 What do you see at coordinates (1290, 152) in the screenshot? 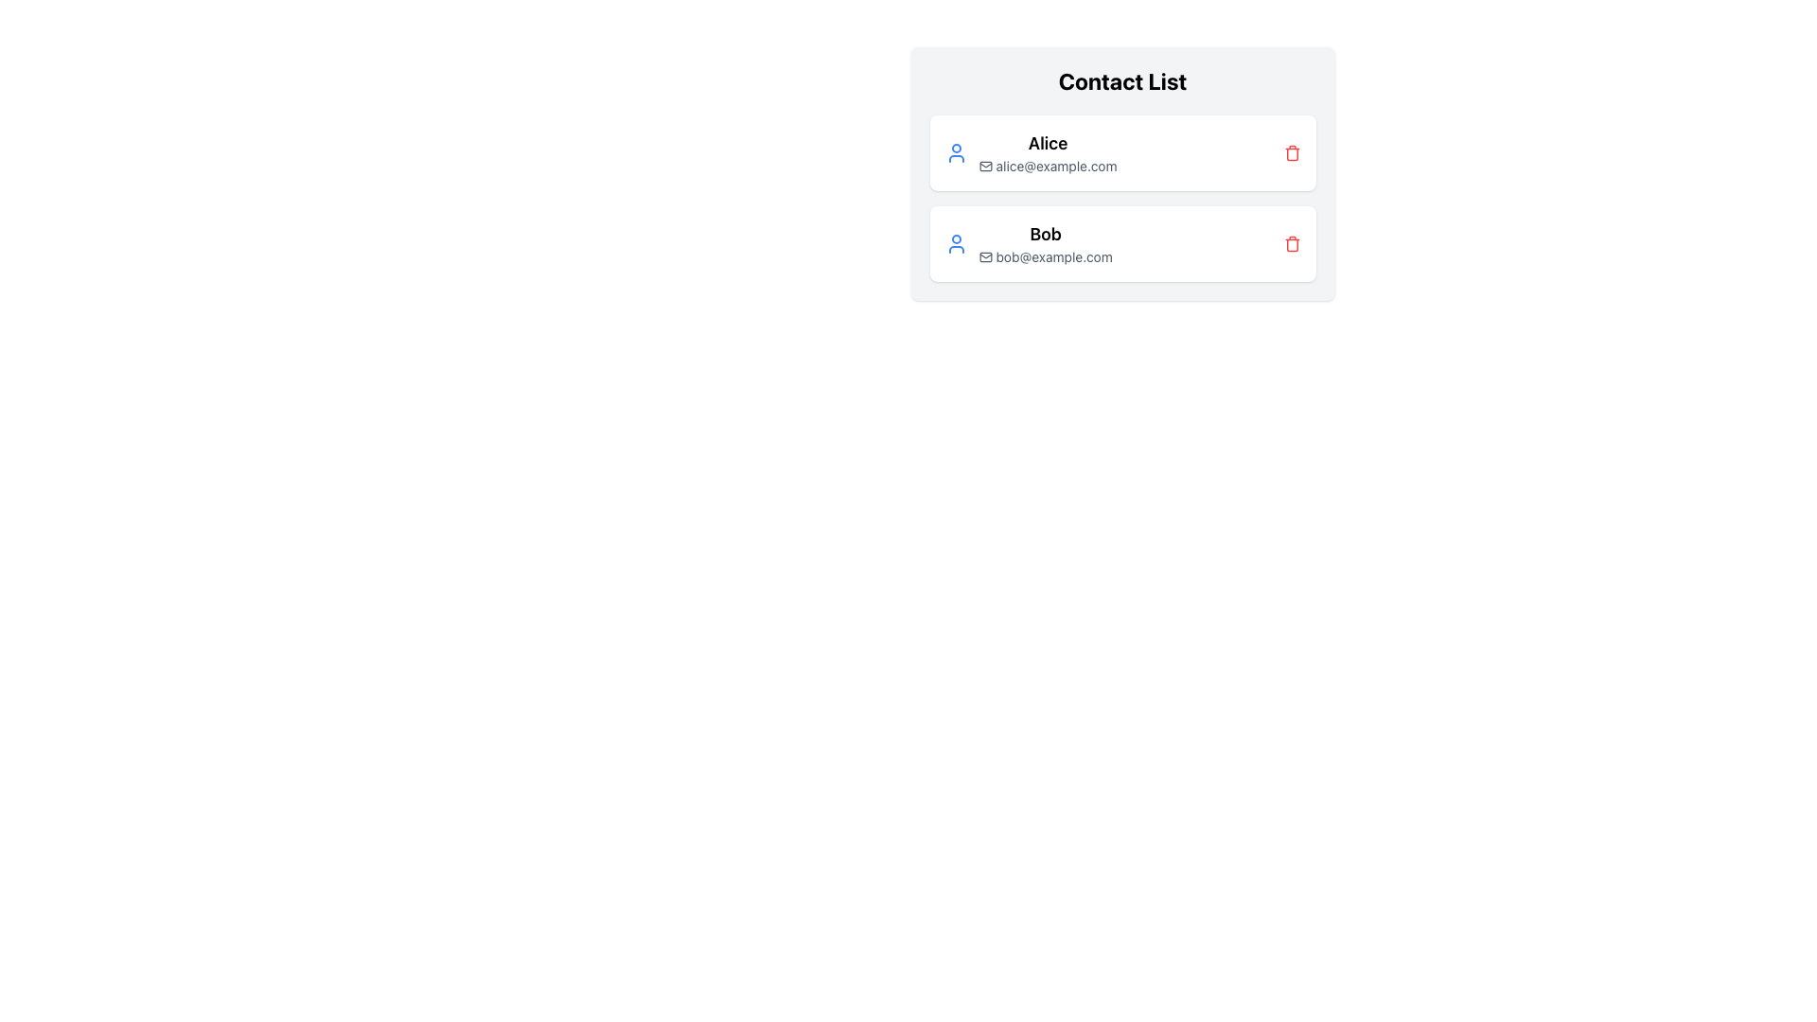
I see `the delete button with a trash bin icon located to the right of 'alice@example.com' in the 'Contact List' section` at bounding box center [1290, 152].